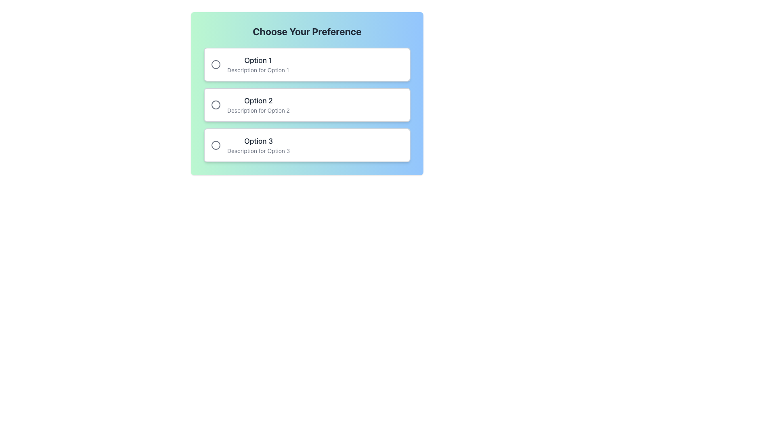 This screenshot has width=775, height=436. What do you see at coordinates (250, 104) in the screenshot?
I see `the text block in the second selectable option card` at bounding box center [250, 104].